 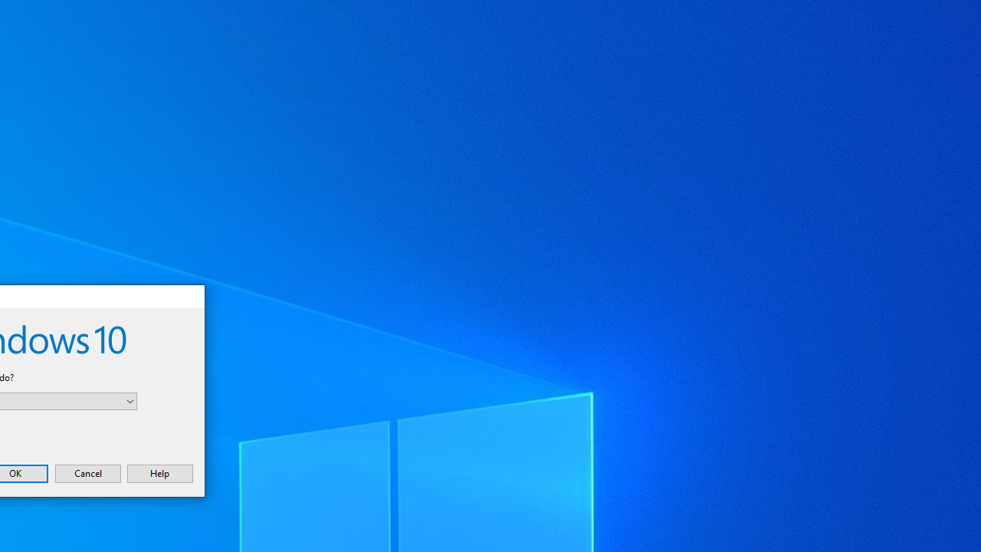 What do you see at coordinates (87, 472) in the screenshot?
I see `'Cancel'` at bounding box center [87, 472].